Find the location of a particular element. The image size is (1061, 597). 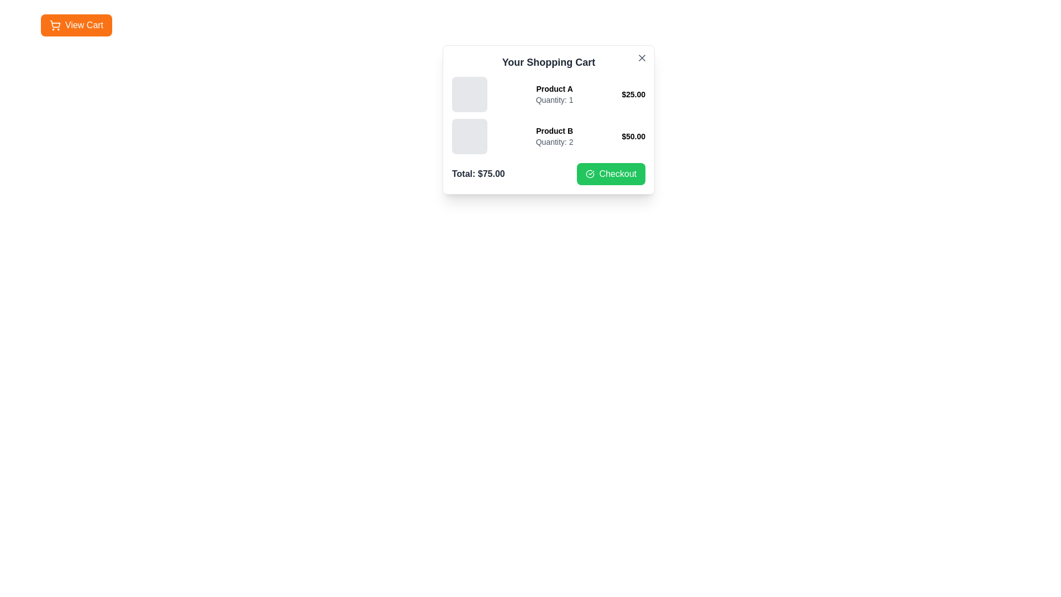

the green rectangular button labeled 'Checkout' with a checkmark icon is located at coordinates (611, 174).